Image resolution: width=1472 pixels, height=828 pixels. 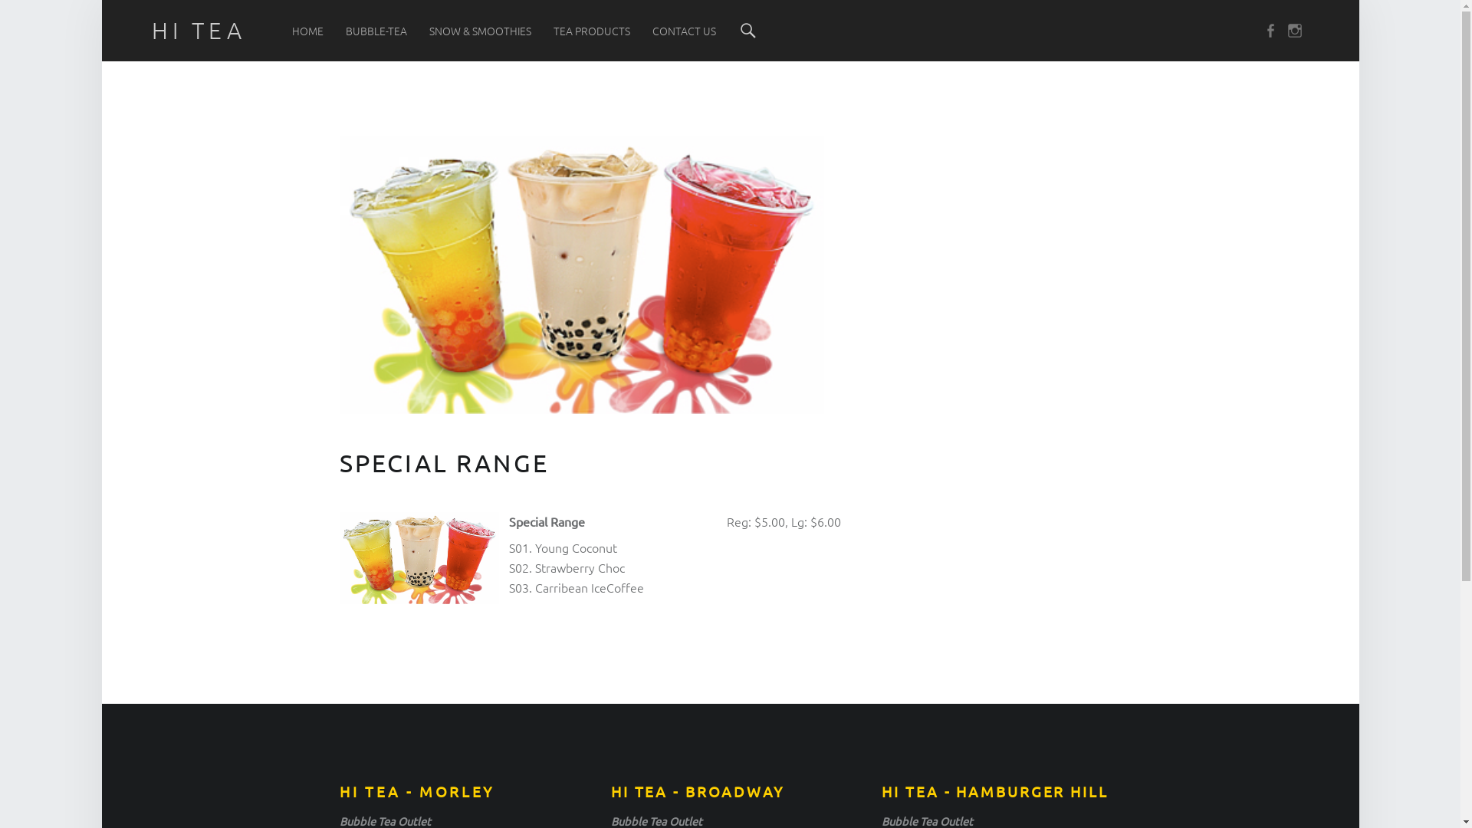 I want to click on 'HI TEA', so click(x=198, y=30).